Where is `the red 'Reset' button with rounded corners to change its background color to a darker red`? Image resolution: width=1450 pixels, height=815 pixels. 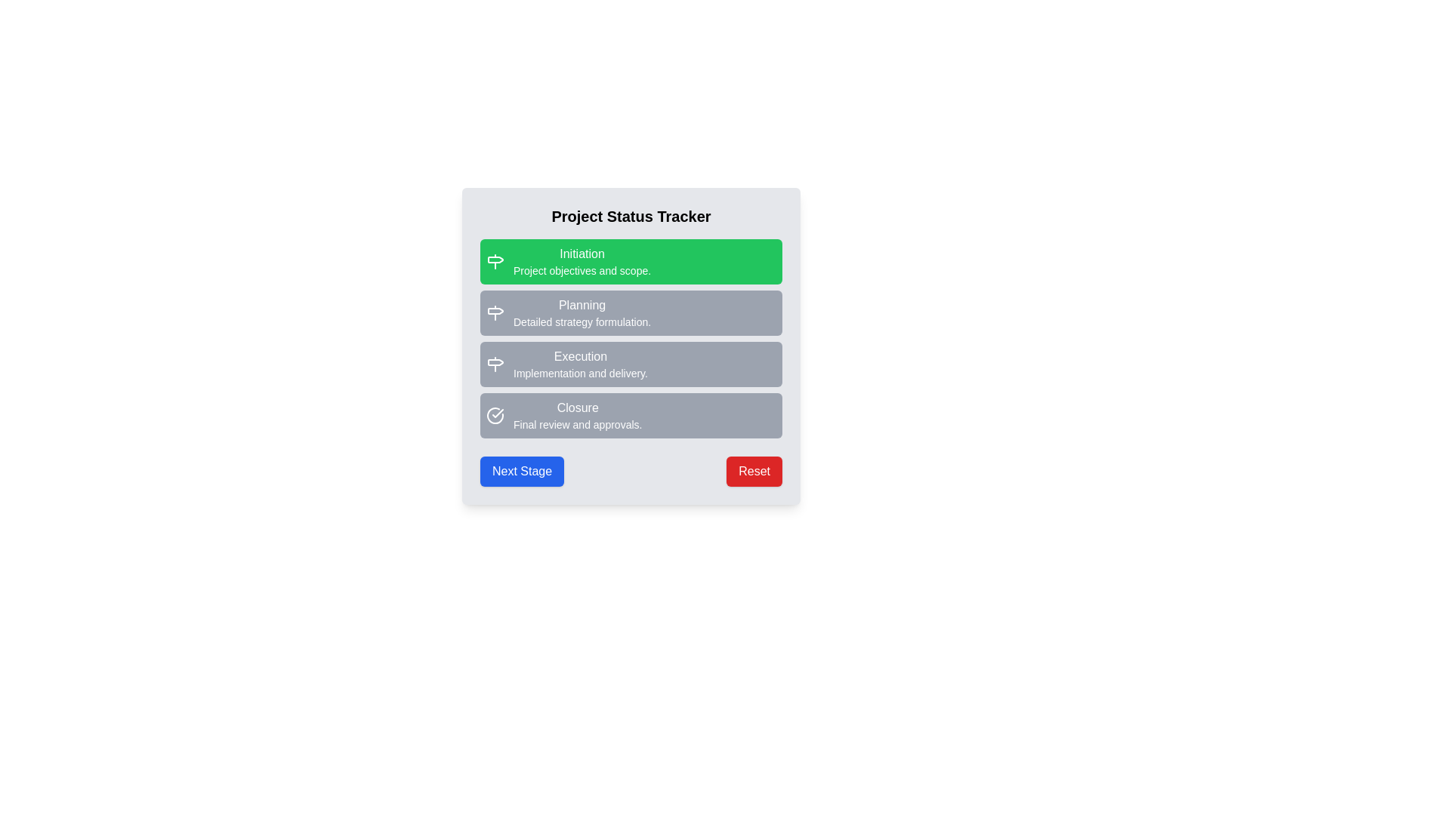
the red 'Reset' button with rounded corners to change its background color to a darker red is located at coordinates (754, 470).